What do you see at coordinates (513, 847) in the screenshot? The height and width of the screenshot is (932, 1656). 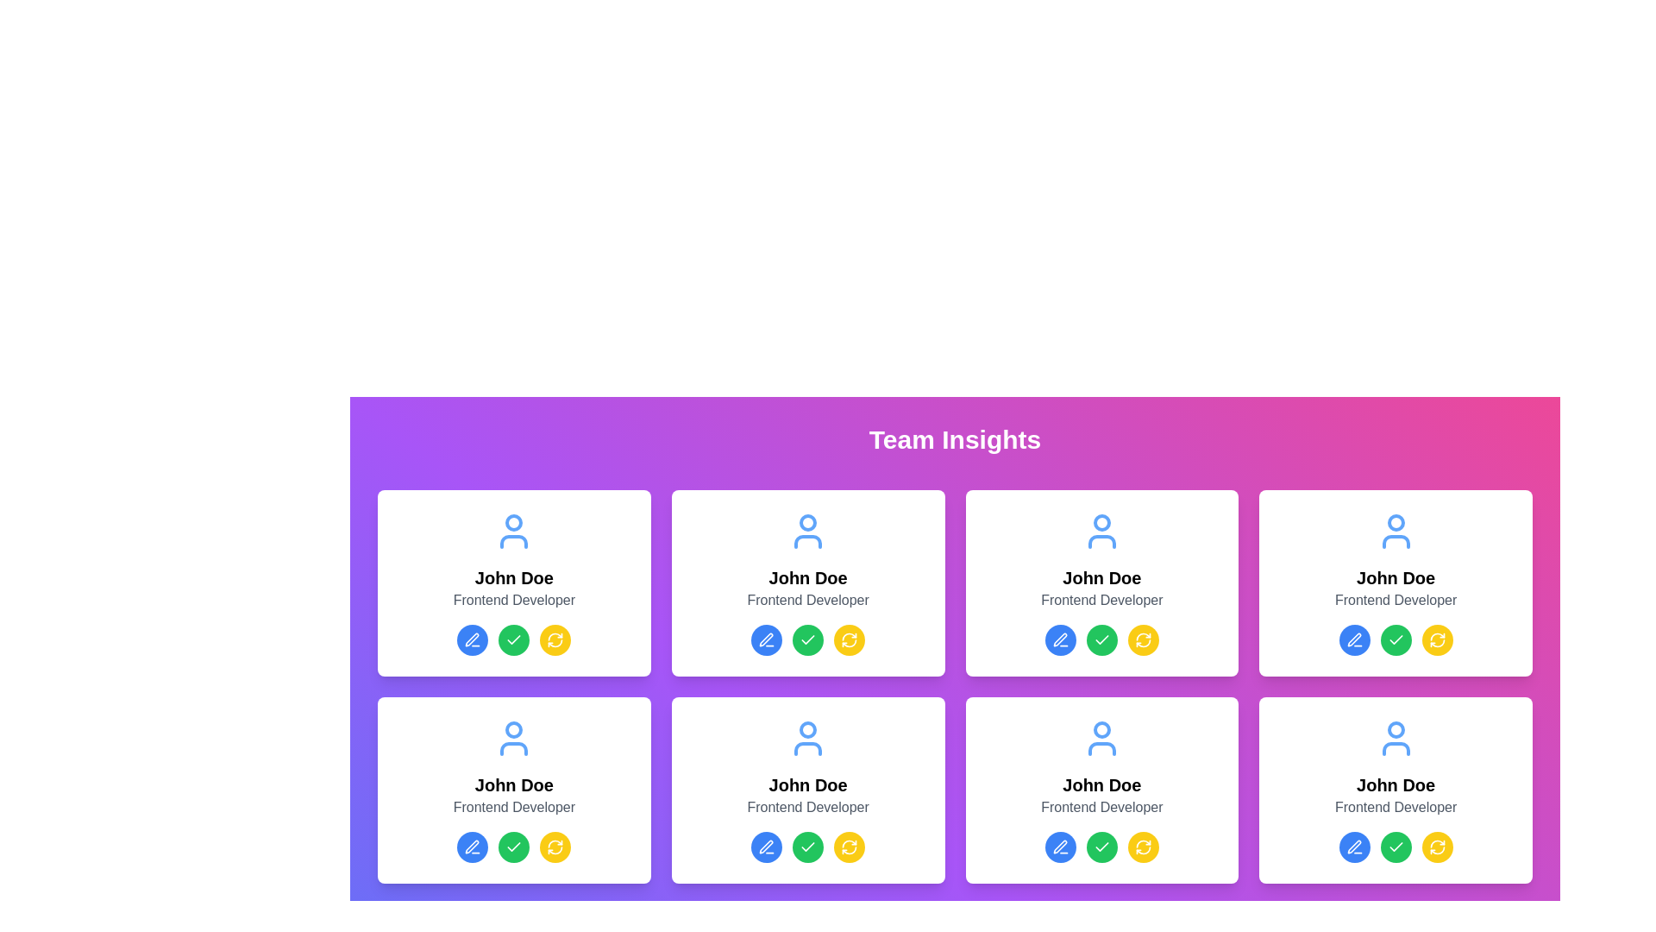 I see `the refresh button, which is the yellow circular button located at the bottom-center of the last card in the grid layout containing user details` at bounding box center [513, 847].